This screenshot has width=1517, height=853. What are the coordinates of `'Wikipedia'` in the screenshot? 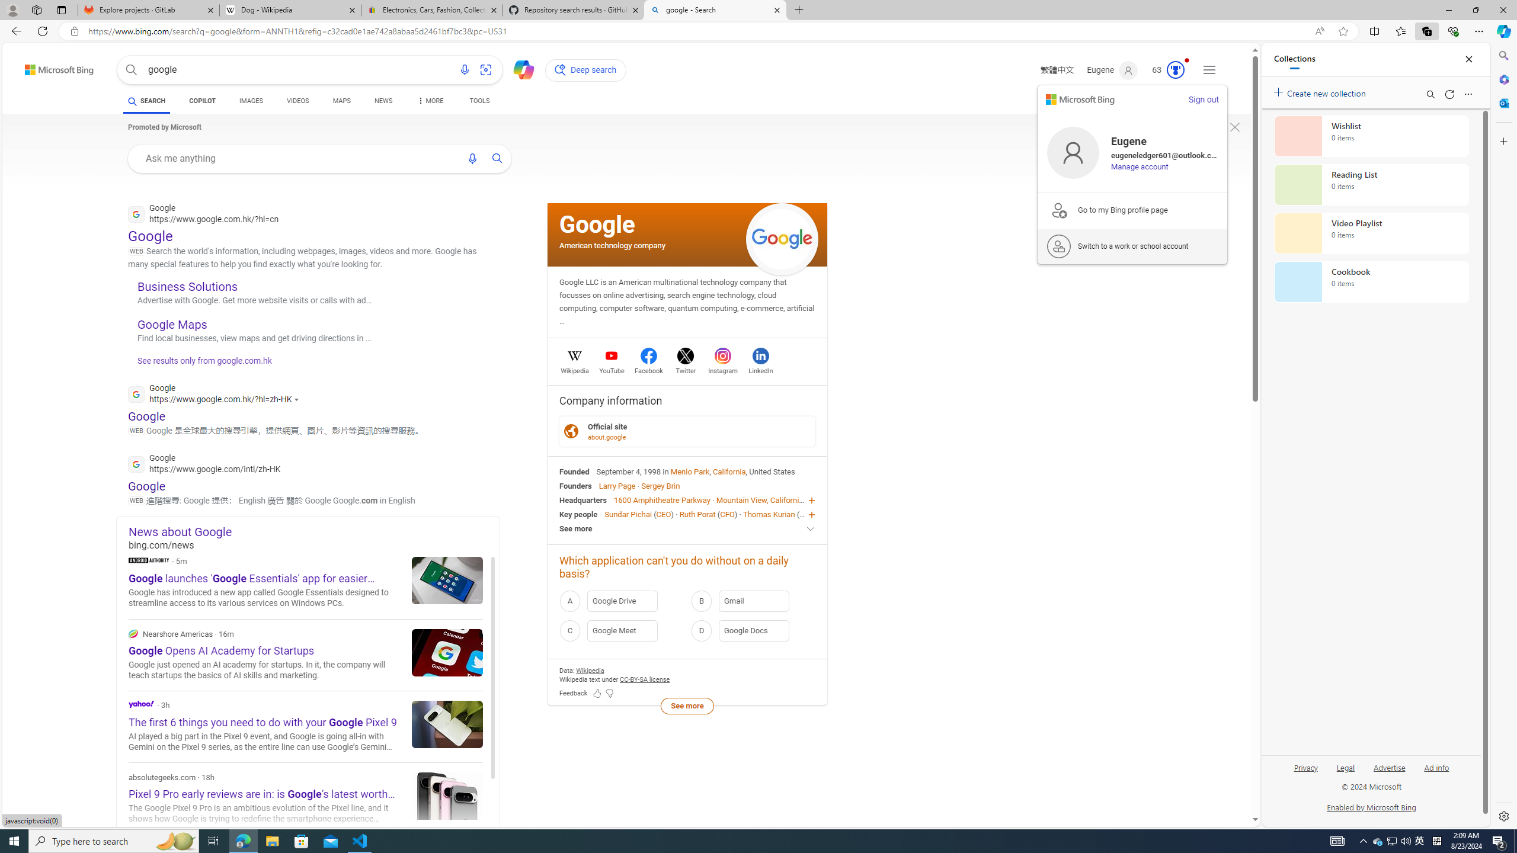 It's located at (575, 369).